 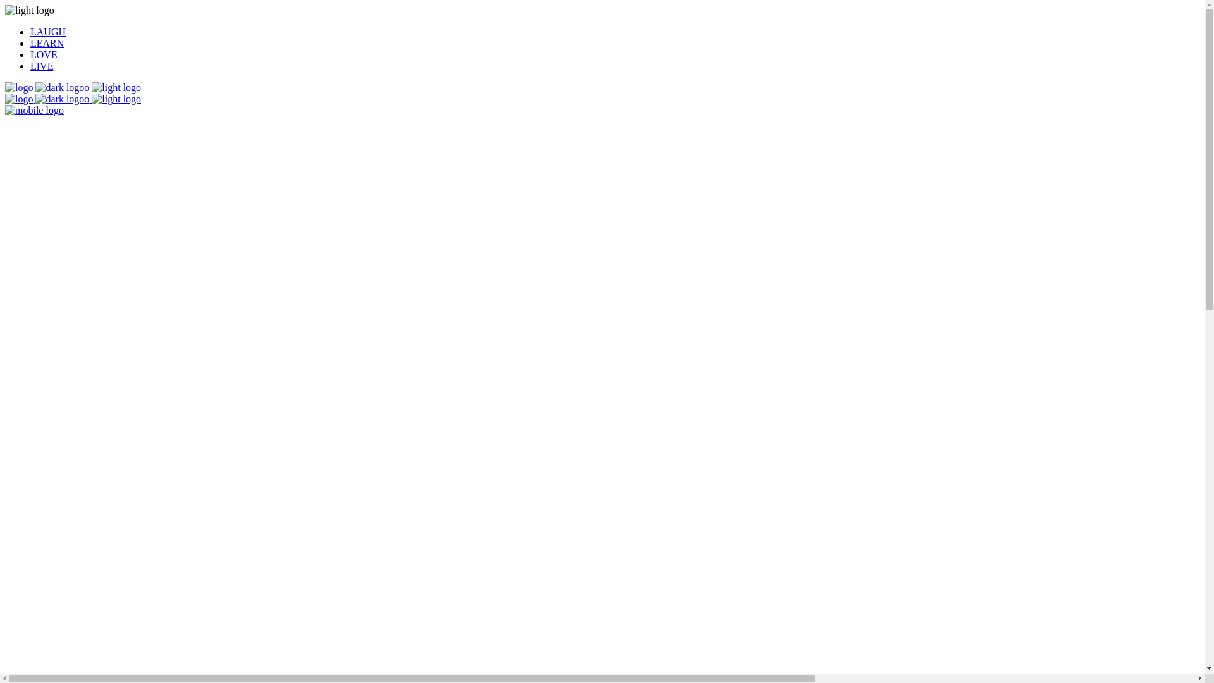 What do you see at coordinates (47, 42) in the screenshot?
I see `'LEARN'` at bounding box center [47, 42].